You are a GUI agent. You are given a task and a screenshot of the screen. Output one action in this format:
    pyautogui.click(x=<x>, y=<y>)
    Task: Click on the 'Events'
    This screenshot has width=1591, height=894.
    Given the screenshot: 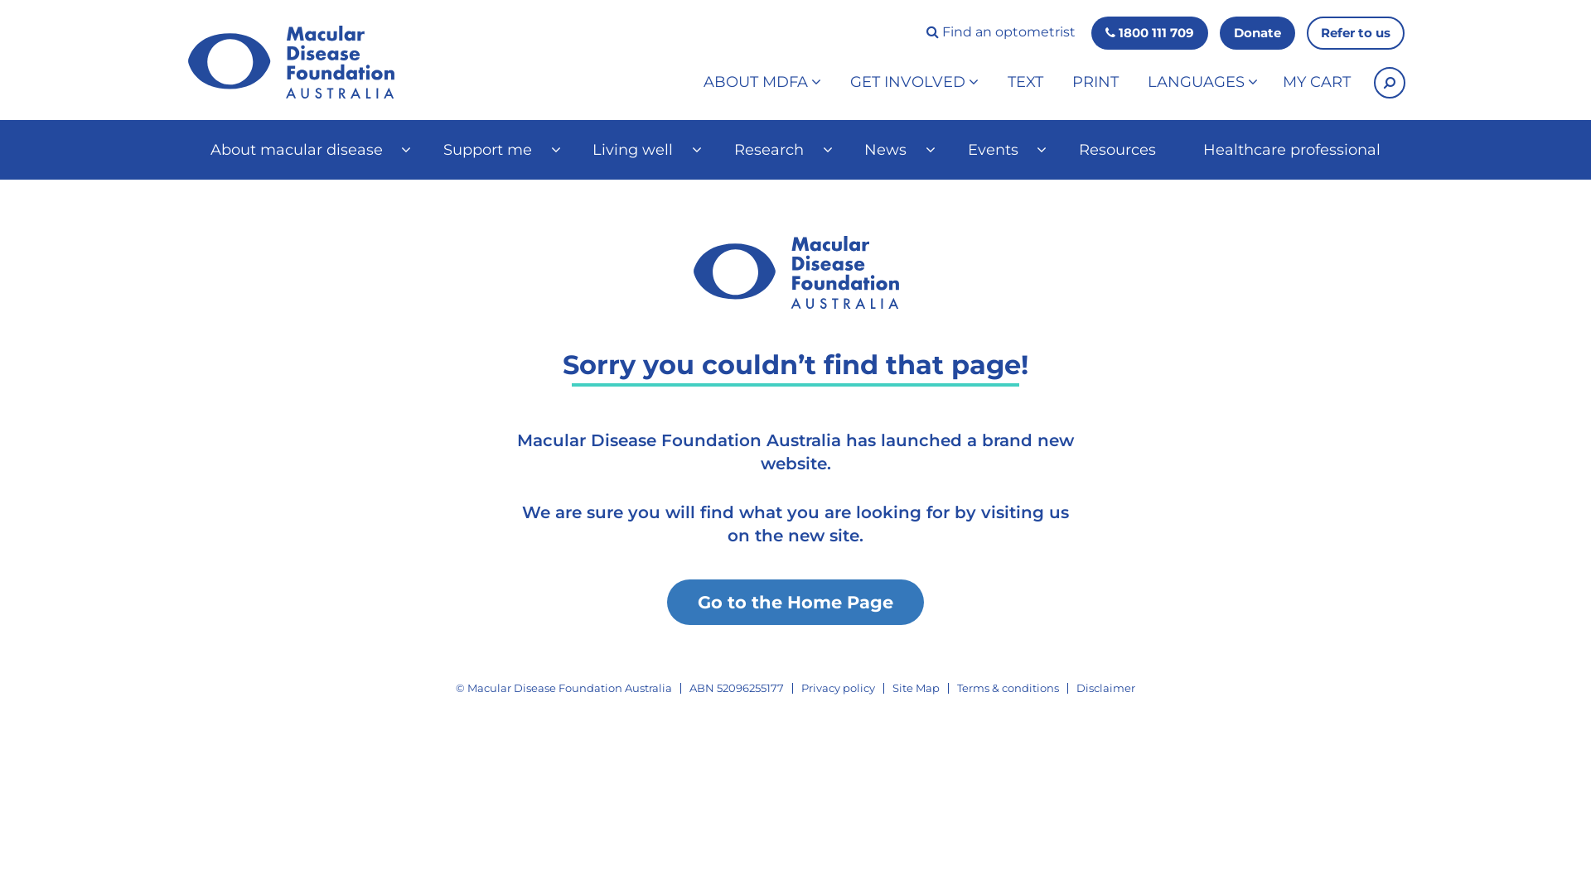 What is the action you would take?
    pyautogui.click(x=998, y=150)
    